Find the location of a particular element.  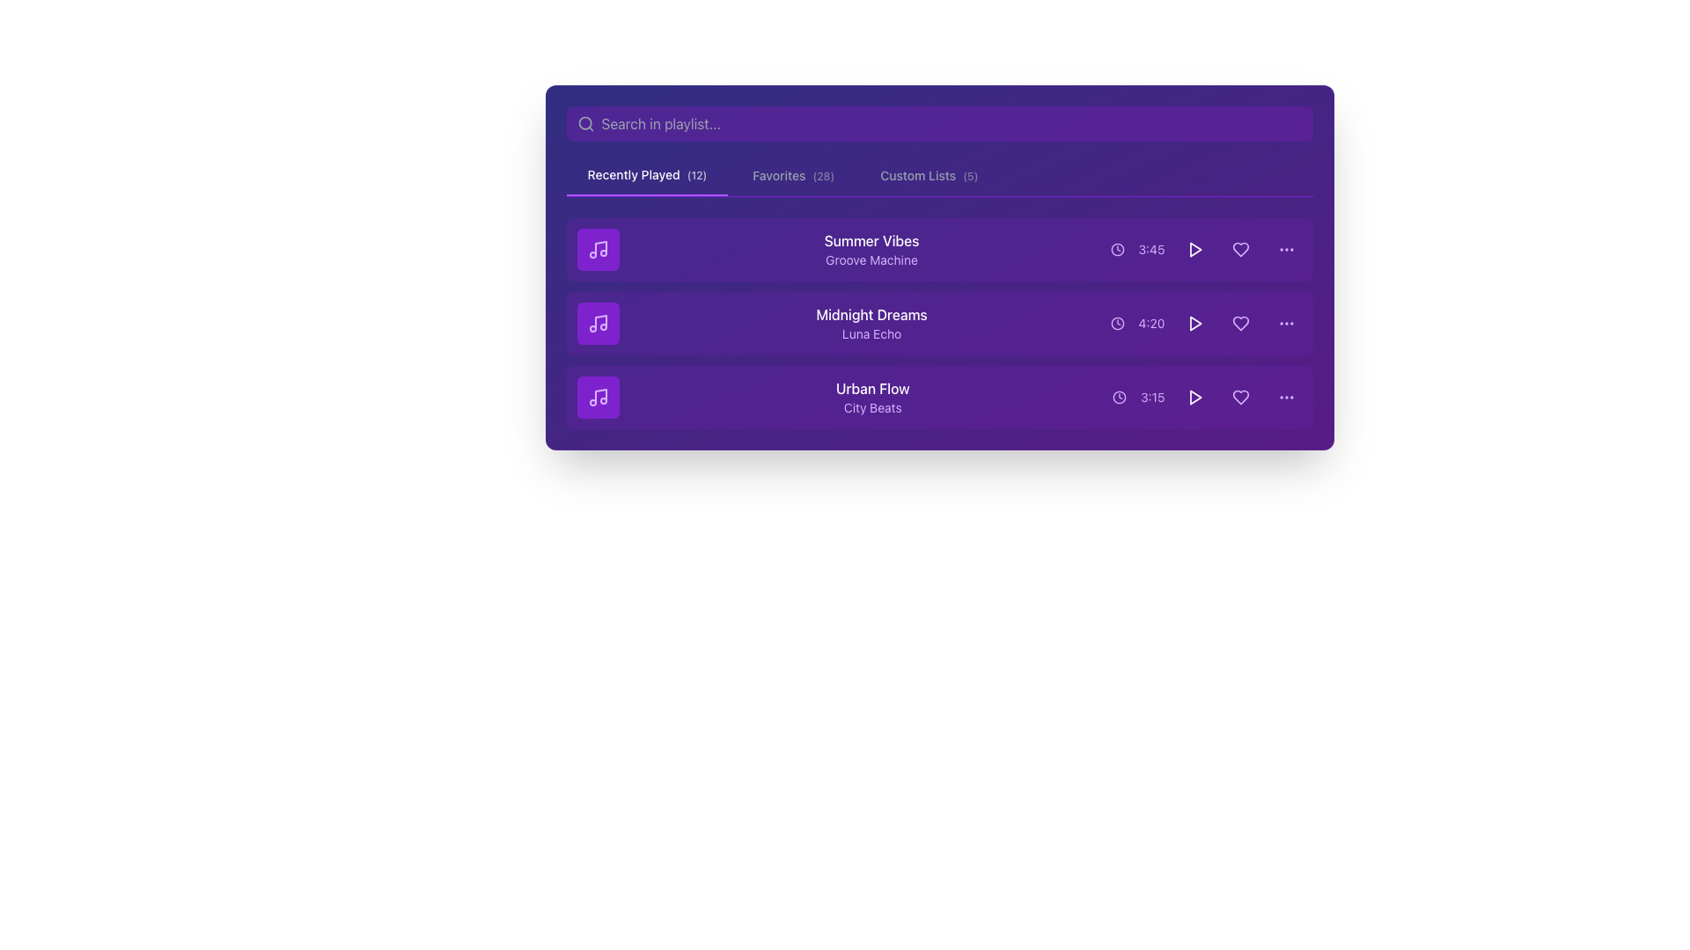

the purple music note icon, which is the topmost element in the 'Summer Vibes' list item panel is located at coordinates (598, 250).